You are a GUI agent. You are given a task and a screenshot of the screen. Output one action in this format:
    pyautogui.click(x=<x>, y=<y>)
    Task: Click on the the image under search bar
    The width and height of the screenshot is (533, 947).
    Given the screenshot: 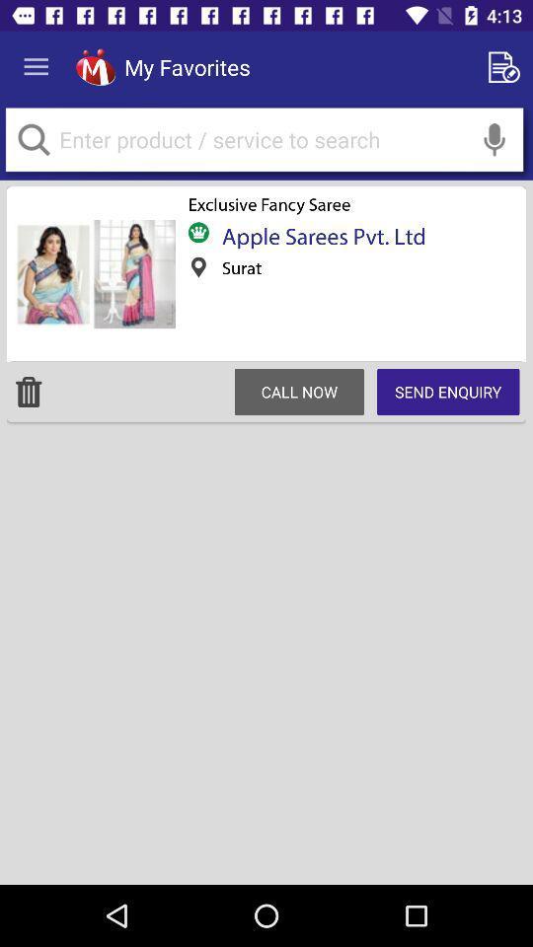 What is the action you would take?
    pyautogui.click(x=94, y=273)
    